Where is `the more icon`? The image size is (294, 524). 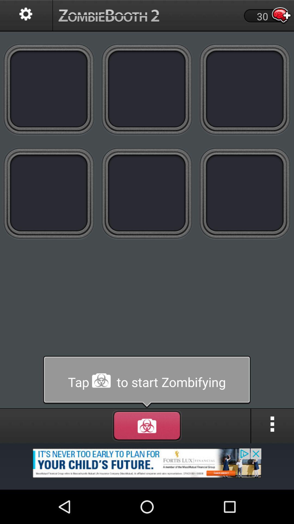
the more icon is located at coordinates (272, 456).